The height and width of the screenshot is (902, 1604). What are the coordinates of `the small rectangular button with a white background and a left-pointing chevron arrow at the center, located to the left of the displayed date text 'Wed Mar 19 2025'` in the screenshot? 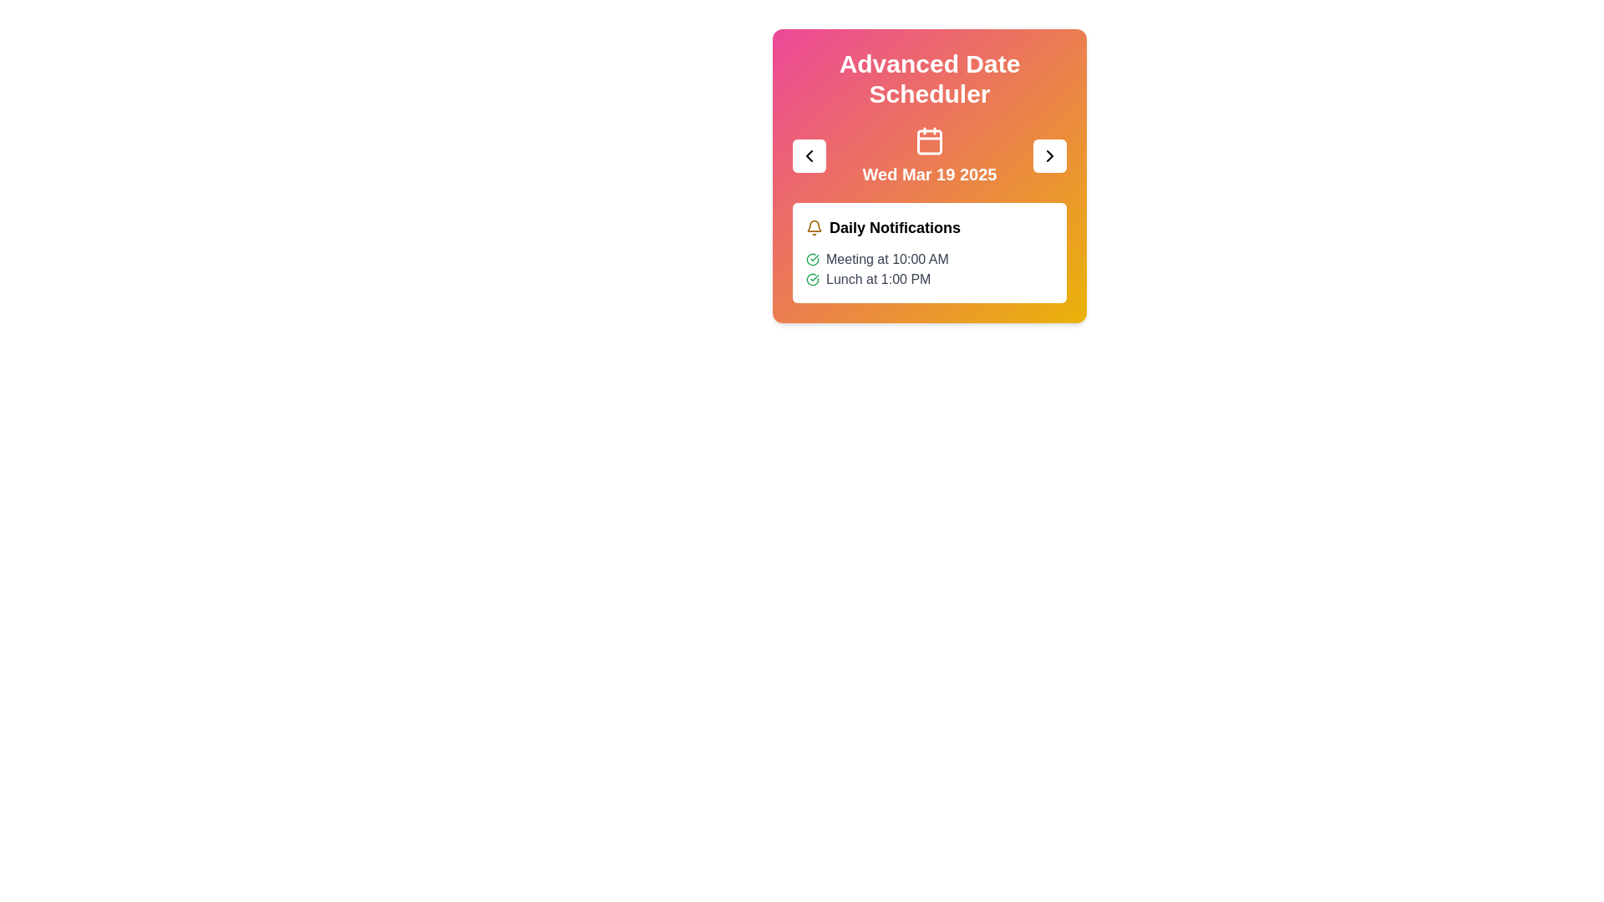 It's located at (810, 155).